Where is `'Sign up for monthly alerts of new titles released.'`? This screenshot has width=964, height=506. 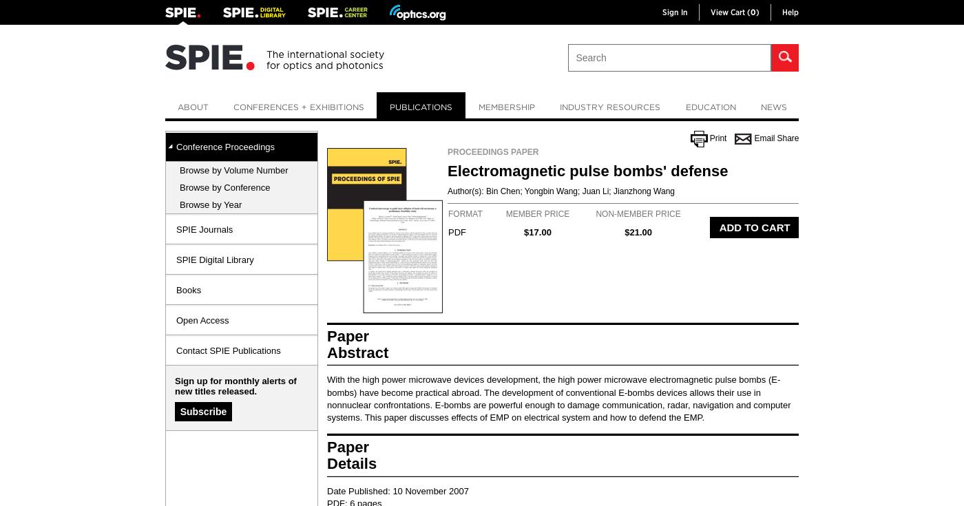
'Sign up for monthly alerts of new titles released.' is located at coordinates (235, 386).